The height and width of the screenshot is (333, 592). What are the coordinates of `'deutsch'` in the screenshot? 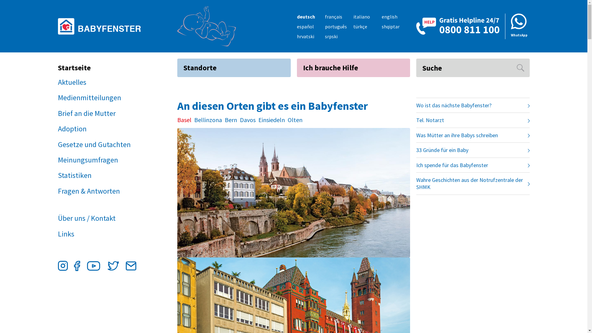 It's located at (306, 16).